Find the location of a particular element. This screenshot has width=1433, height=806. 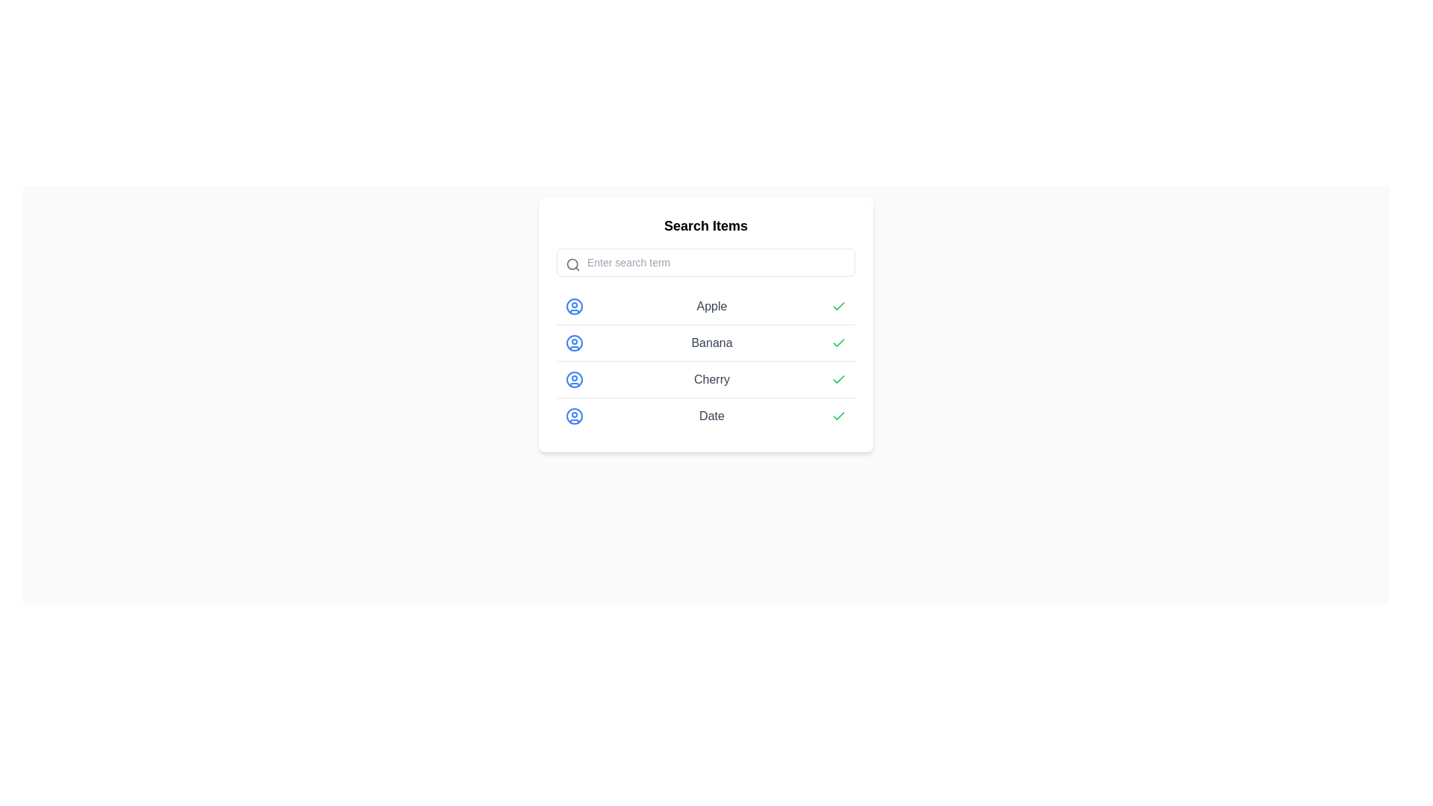

the second list item labeled 'Banana', which features a user icon on the left and a green checkmark on the right, to view options for the item is located at coordinates (705, 343).